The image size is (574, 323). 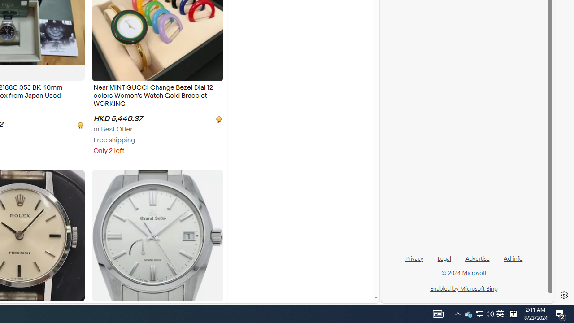 I want to click on '[object Undefined]', so click(x=218, y=118).